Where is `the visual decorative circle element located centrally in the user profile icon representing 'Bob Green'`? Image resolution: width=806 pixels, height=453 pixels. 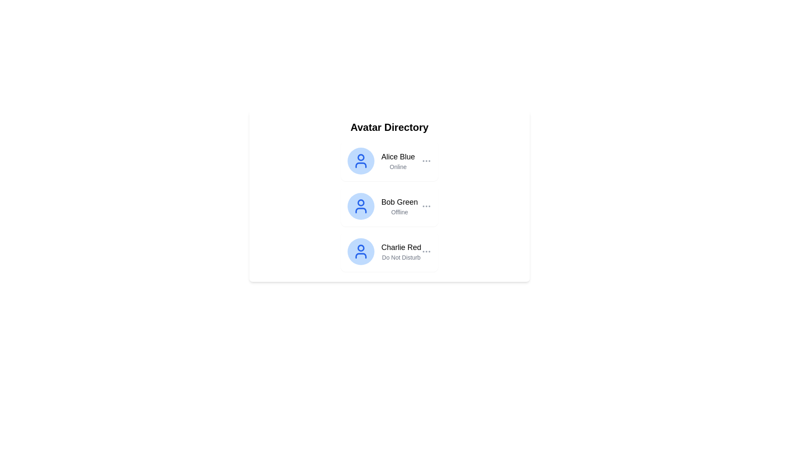
the visual decorative circle element located centrally in the user profile icon representing 'Bob Green' is located at coordinates (361, 203).